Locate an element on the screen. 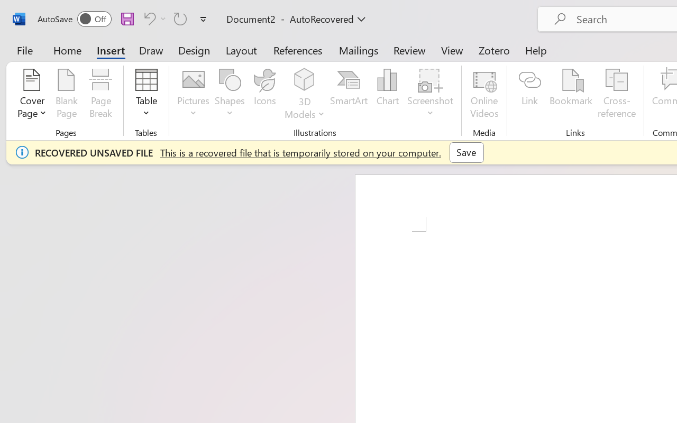 Image resolution: width=677 pixels, height=423 pixels. 'SmartArt...' is located at coordinates (349, 95).